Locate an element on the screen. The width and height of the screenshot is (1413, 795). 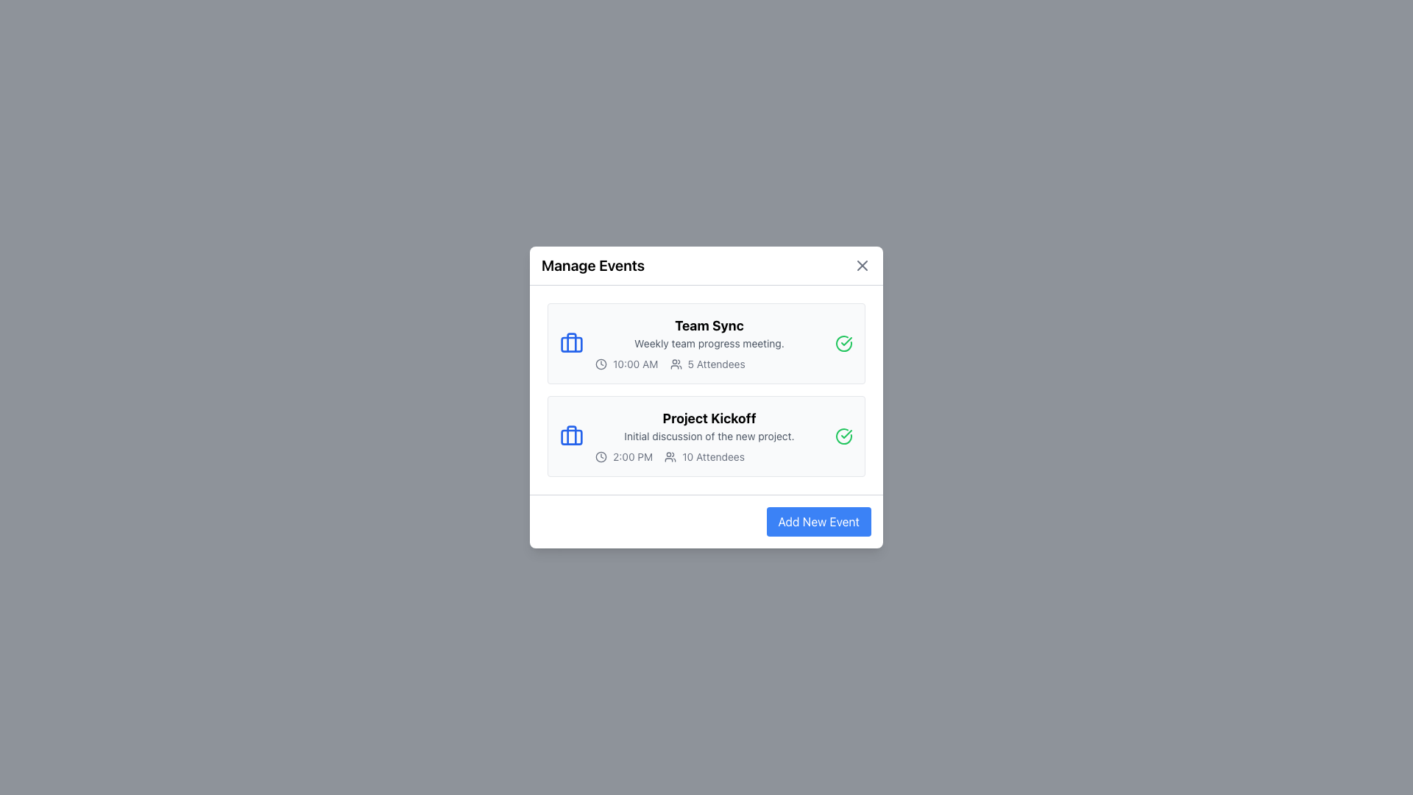
the text element displaying '10:00 AM 5 Attendees', which is located below the 'Team Sync' header in the meeting summary card is located at coordinates (709, 364).